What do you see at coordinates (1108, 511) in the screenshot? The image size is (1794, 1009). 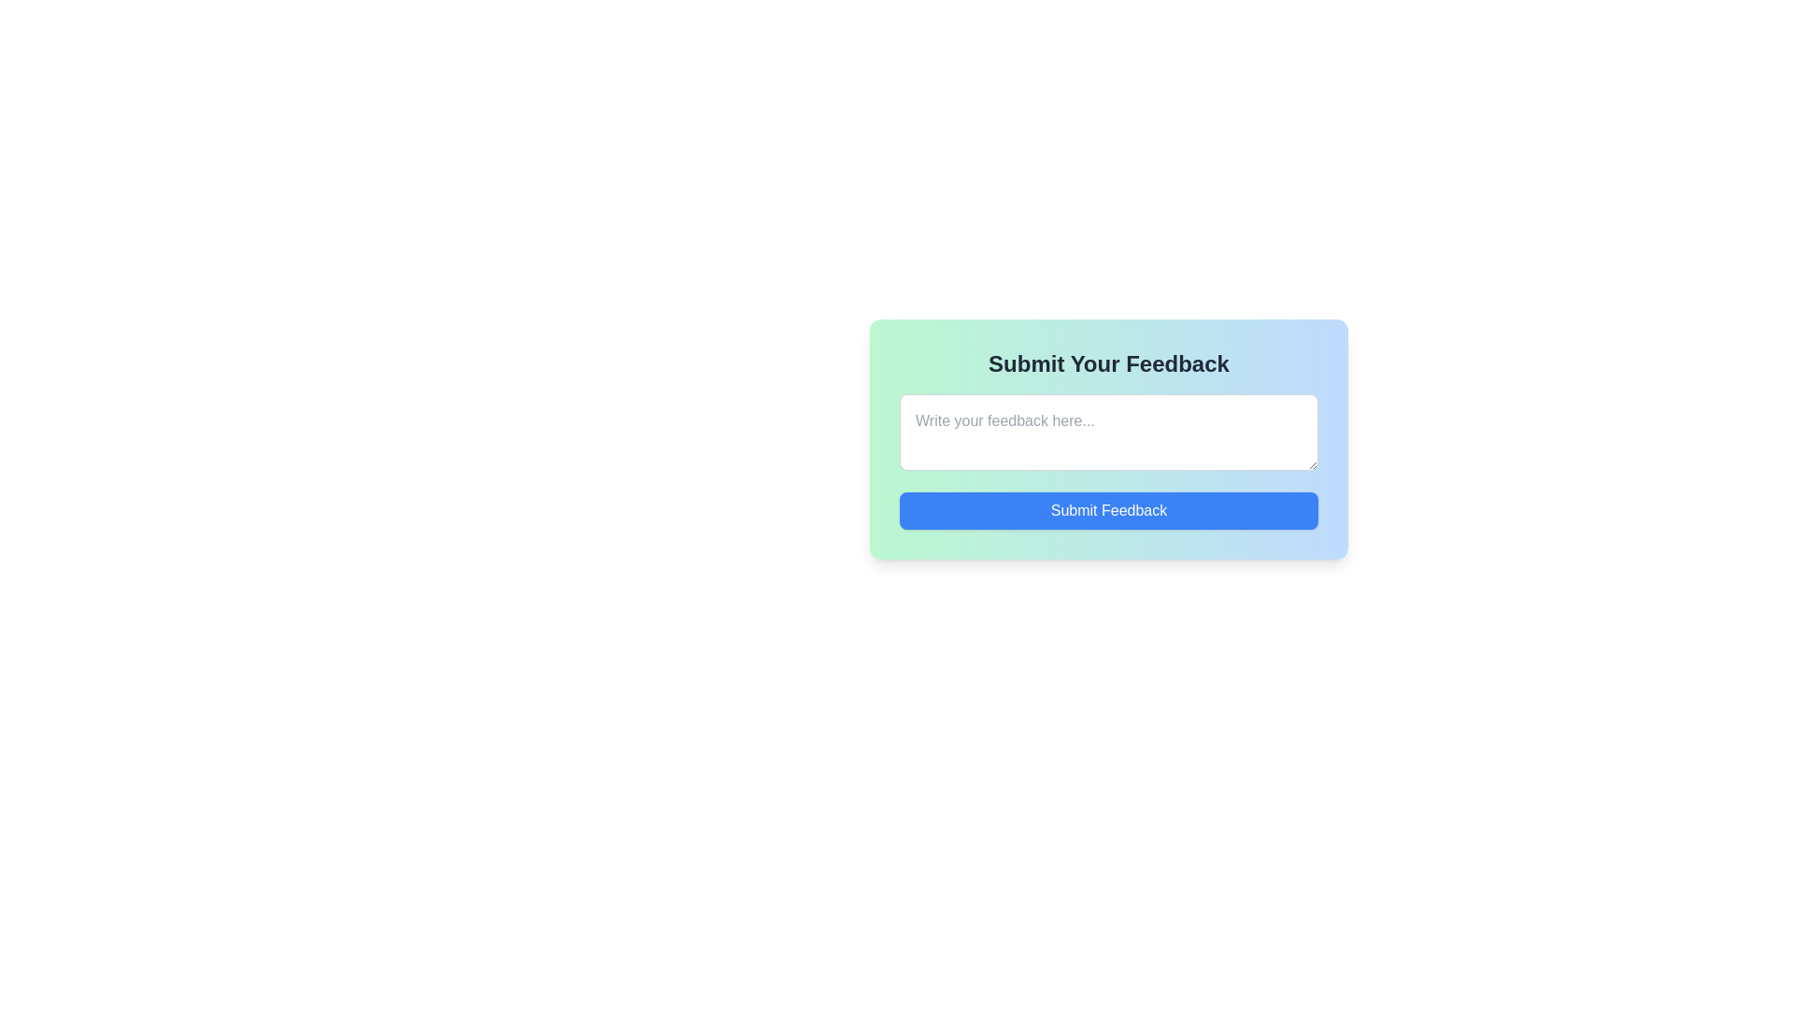 I see `the 'Submit Feedback' button, which is a rectangular button with a blue background and white text, located at the bottom of a card with a gradient background` at bounding box center [1108, 511].